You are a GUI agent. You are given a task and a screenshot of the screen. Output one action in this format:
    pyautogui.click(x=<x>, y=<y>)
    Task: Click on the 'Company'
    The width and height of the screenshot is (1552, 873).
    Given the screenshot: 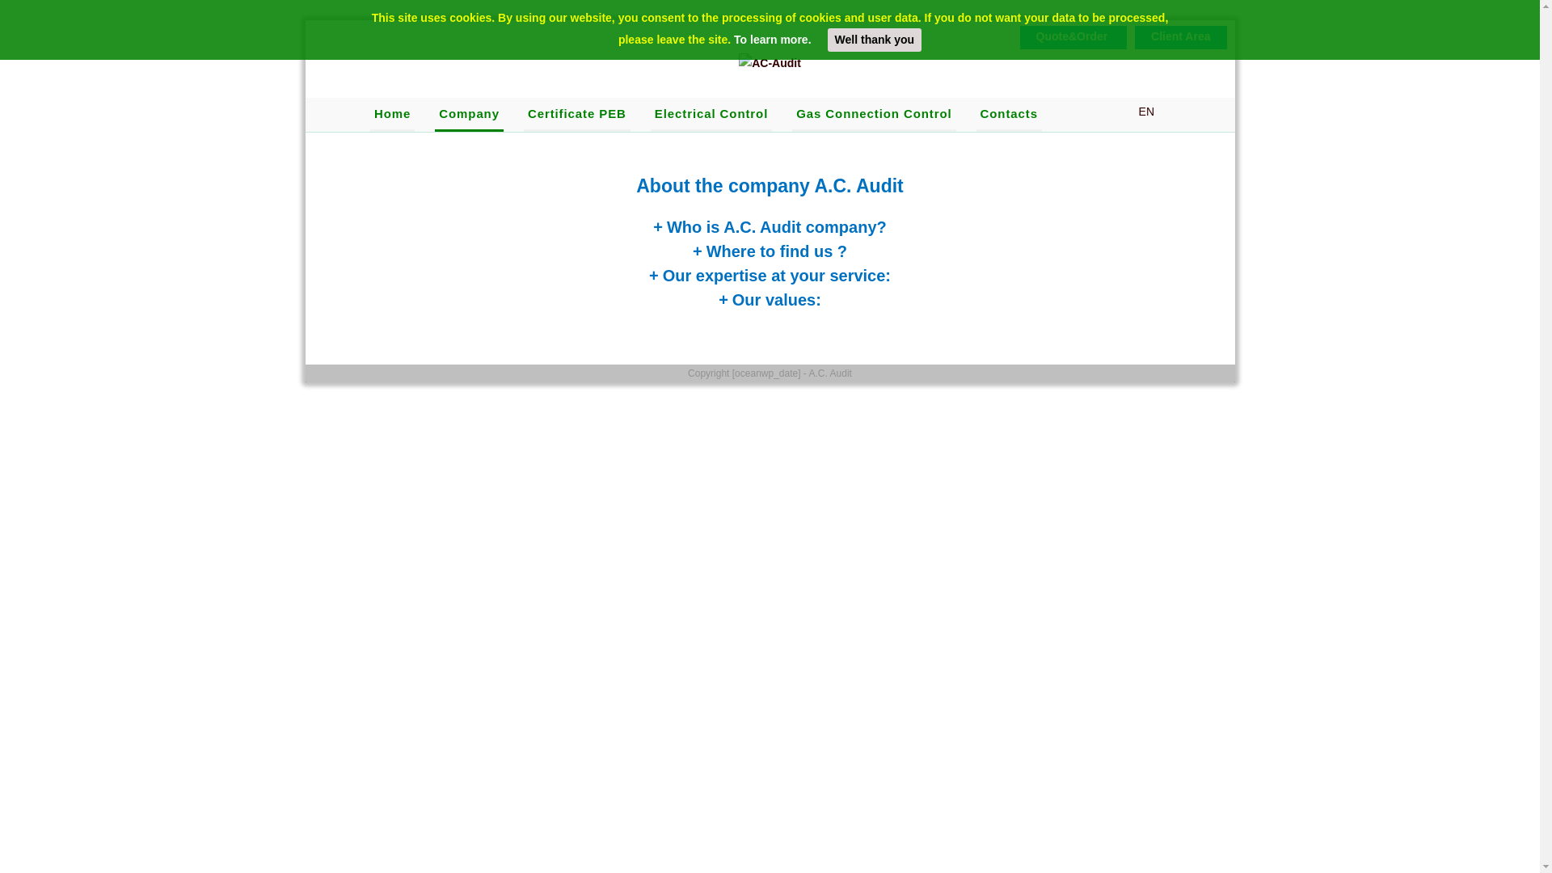 What is the action you would take?
    pyautogui.click(x=468, y=114)
    